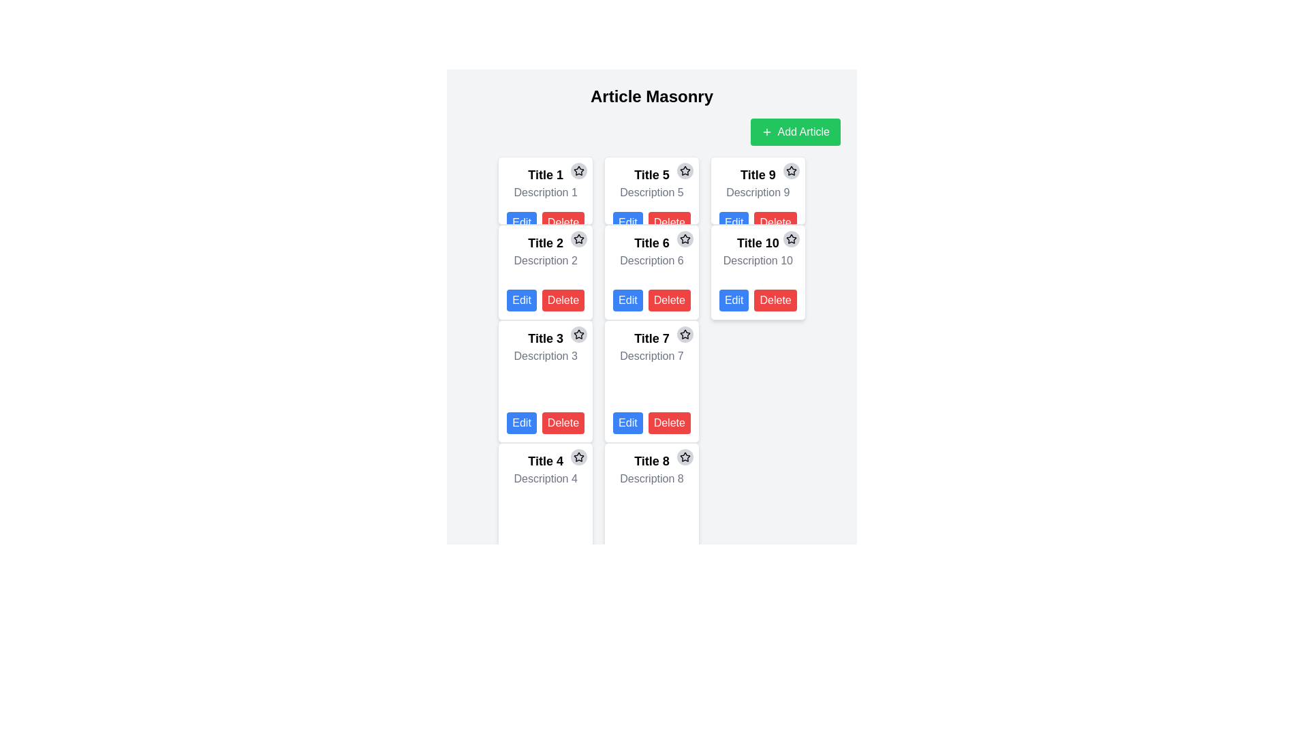 The image size is (1308, 736). Describe the element at coordinates (757, 299) in the screenshot. I see `the 'Edit' and 'Delete' buttons in the button group located at the bottom-right of the card under 'Title 10' and 'Description 10'` at that location.